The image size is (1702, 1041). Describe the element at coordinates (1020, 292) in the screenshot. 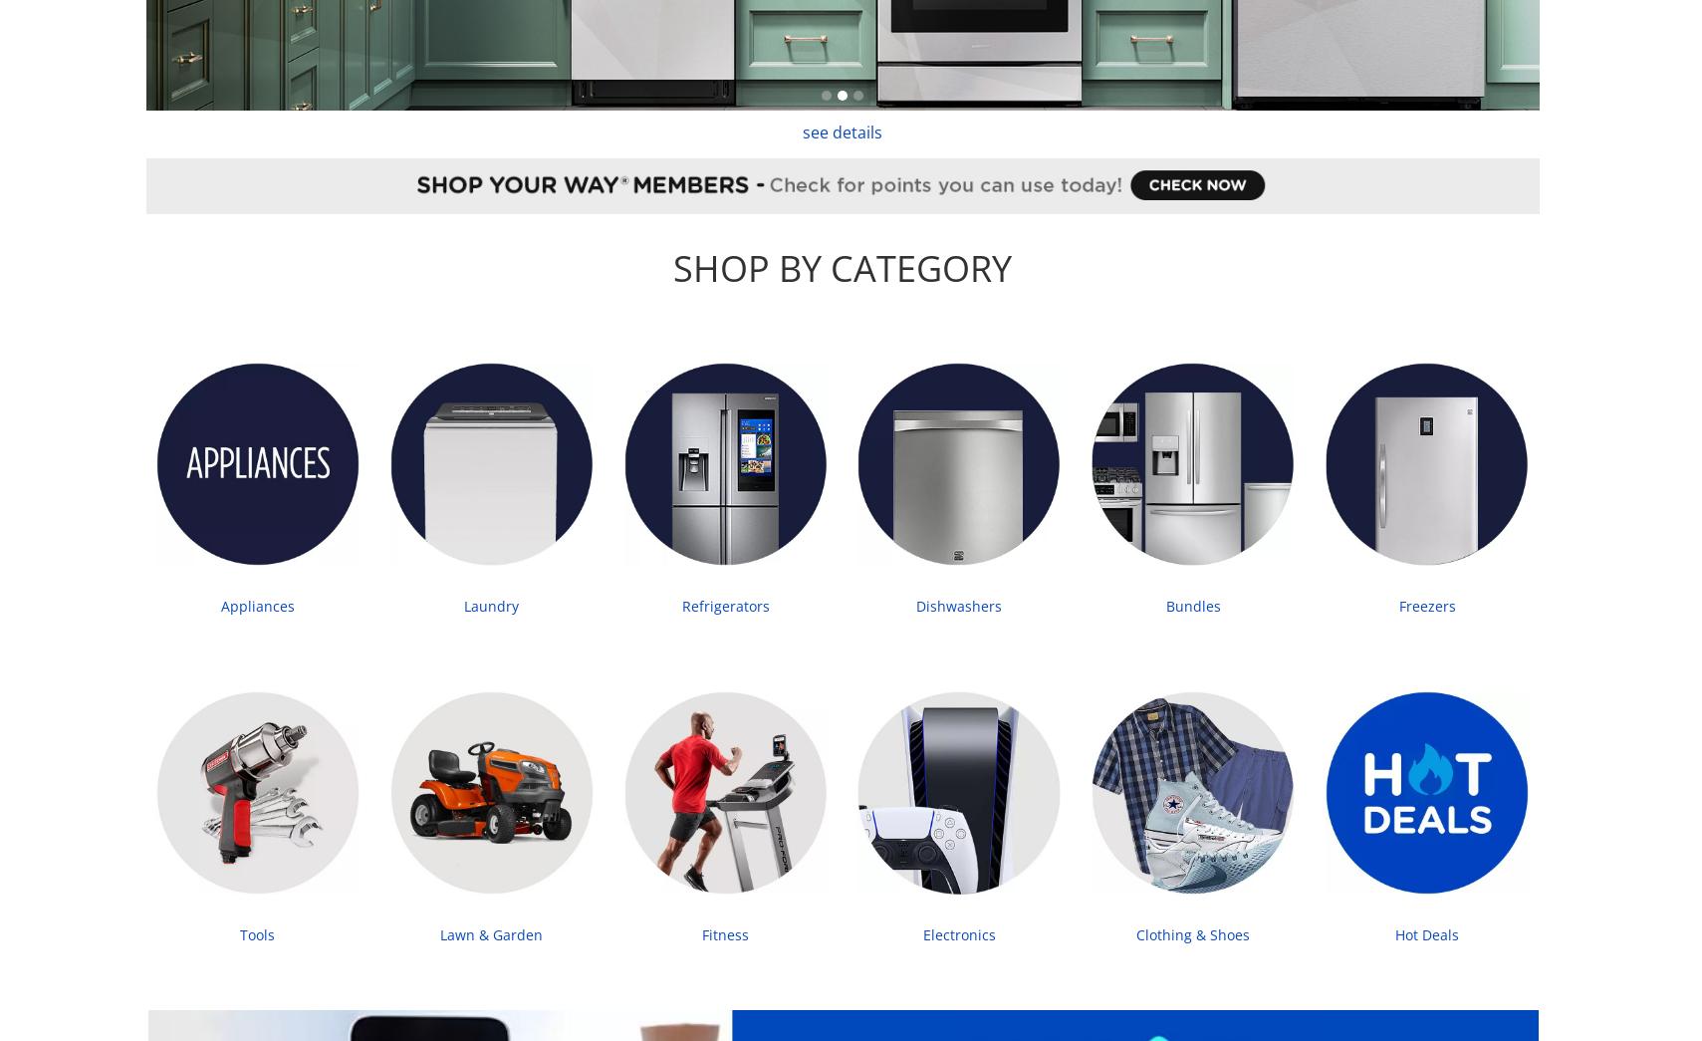

I see `'Sell on Sears'` at that location.